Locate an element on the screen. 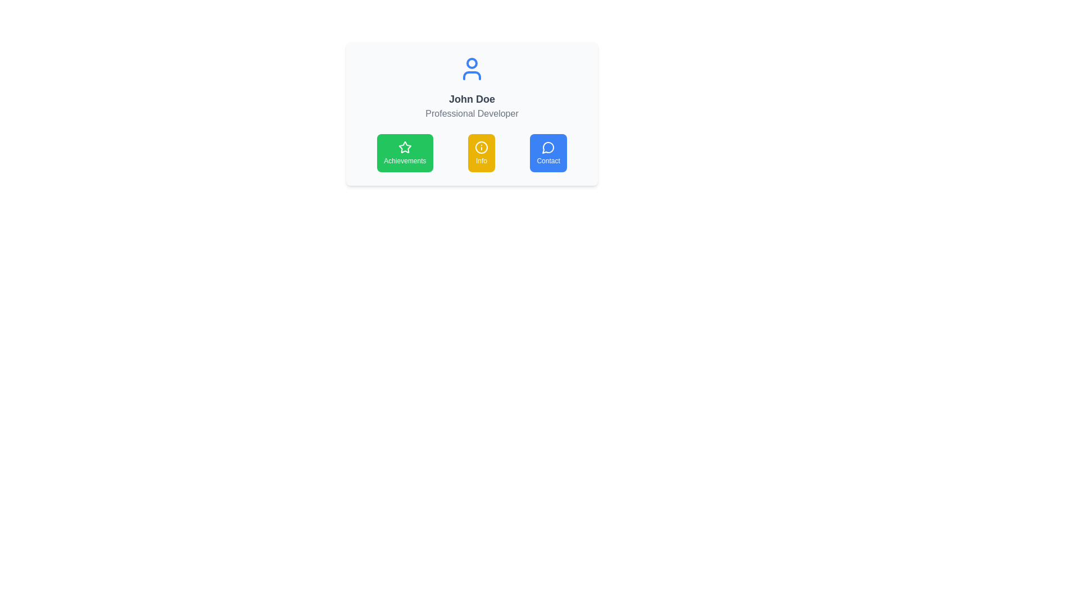 The image size is (1079, 606). the star-shaped icon inside the green 'Achievements' button to interact with it is located at coordinates (405, 146).